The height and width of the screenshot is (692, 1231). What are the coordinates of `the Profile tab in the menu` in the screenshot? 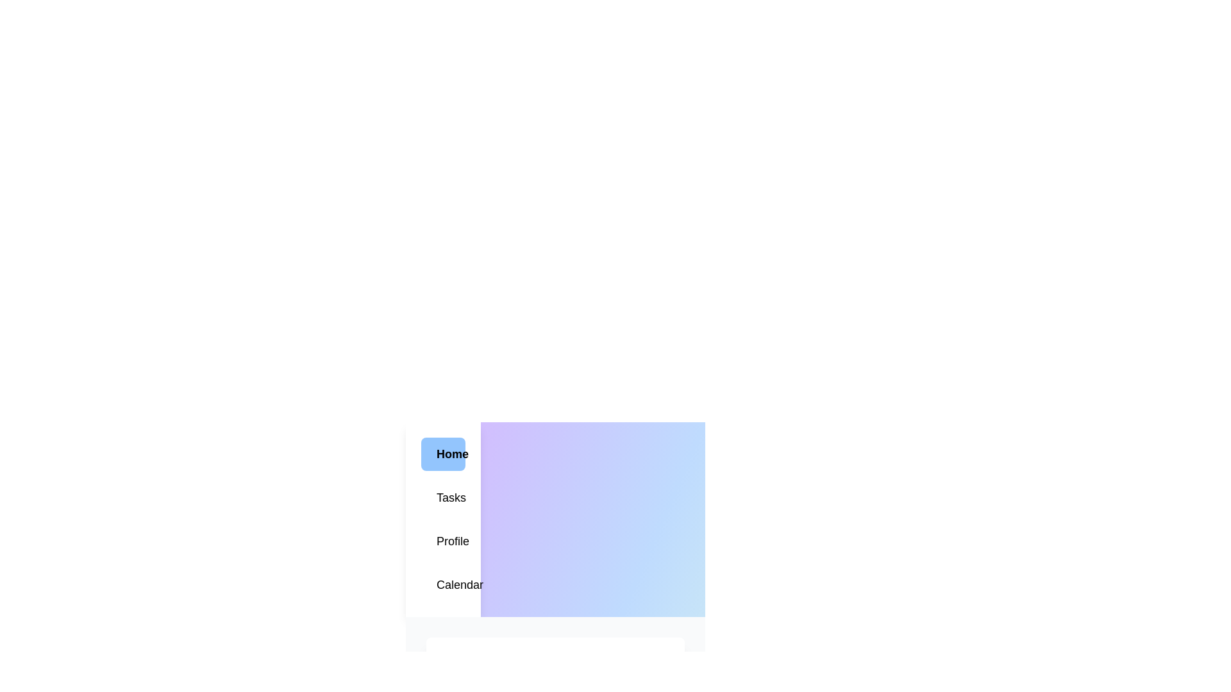 It's located at (443, 541).